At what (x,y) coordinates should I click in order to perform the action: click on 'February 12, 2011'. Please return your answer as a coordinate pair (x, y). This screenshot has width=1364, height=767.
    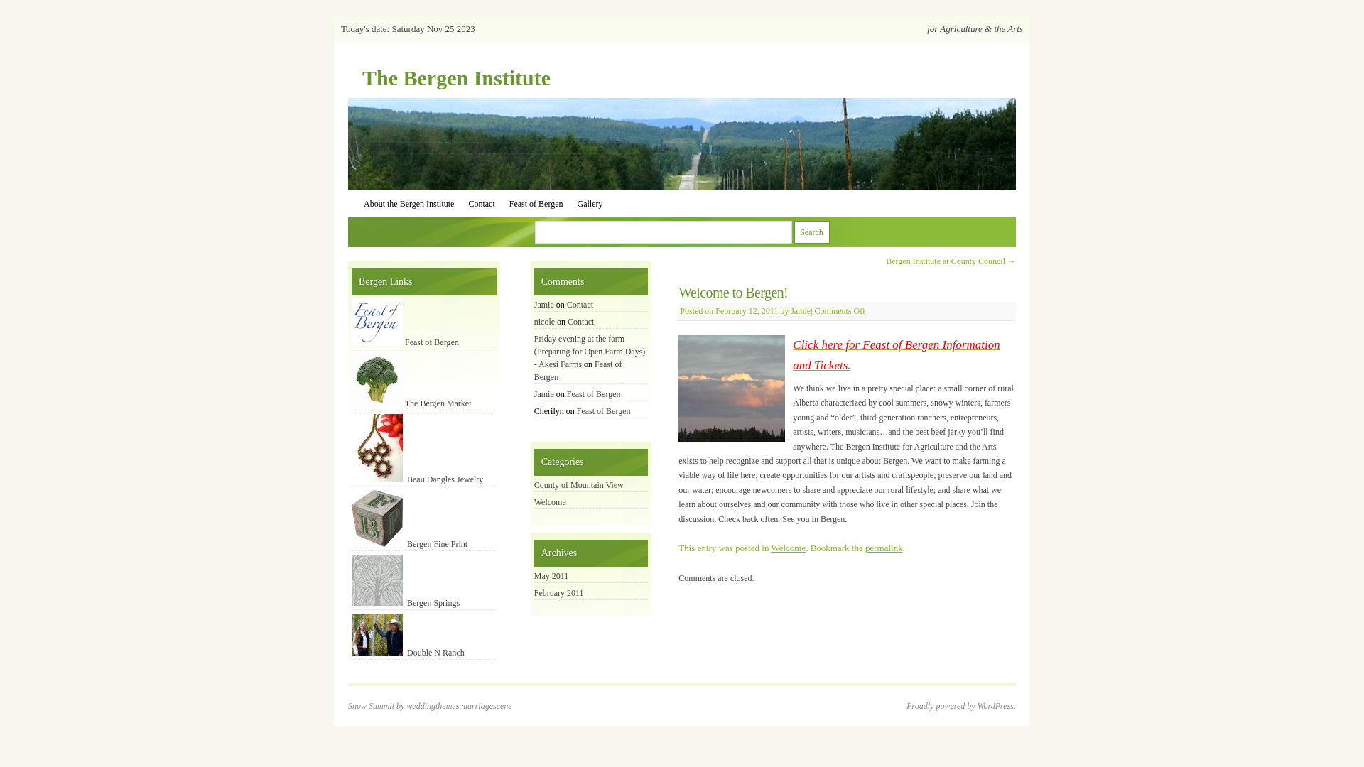
    Looking at the image, I should click on (746, 310).